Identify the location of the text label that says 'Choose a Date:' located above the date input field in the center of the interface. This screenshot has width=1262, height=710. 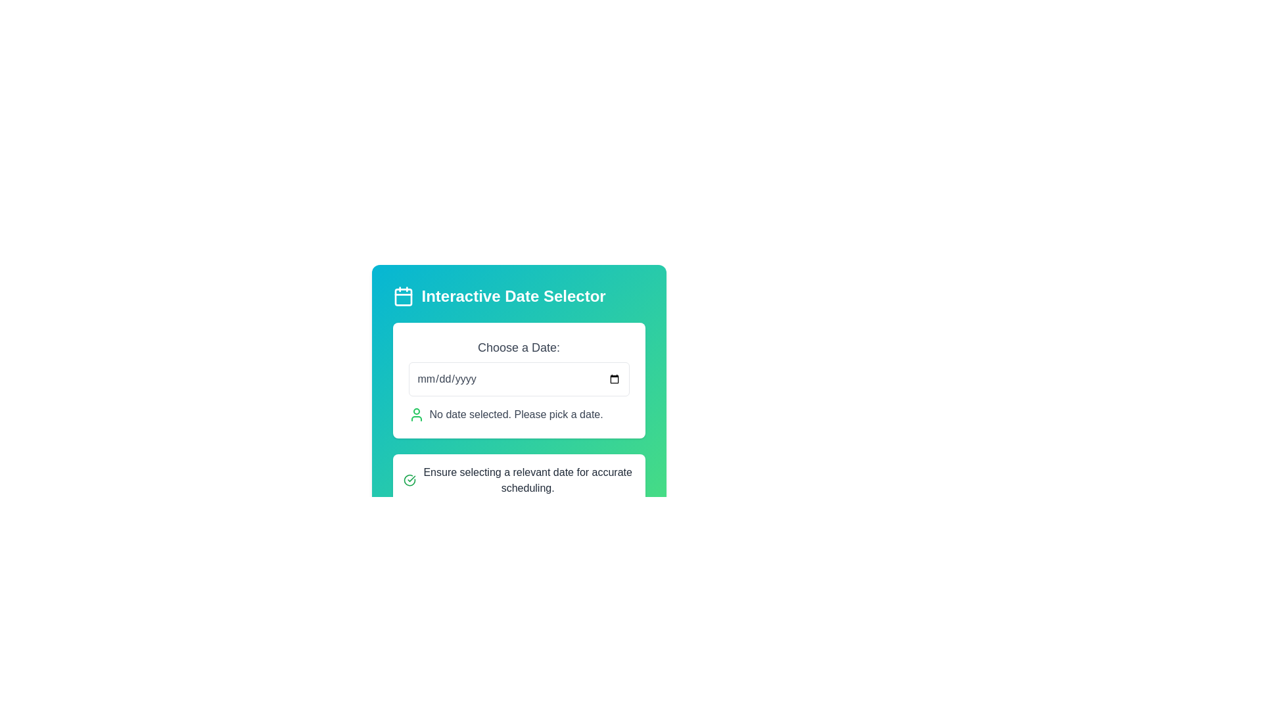
(518, 346).